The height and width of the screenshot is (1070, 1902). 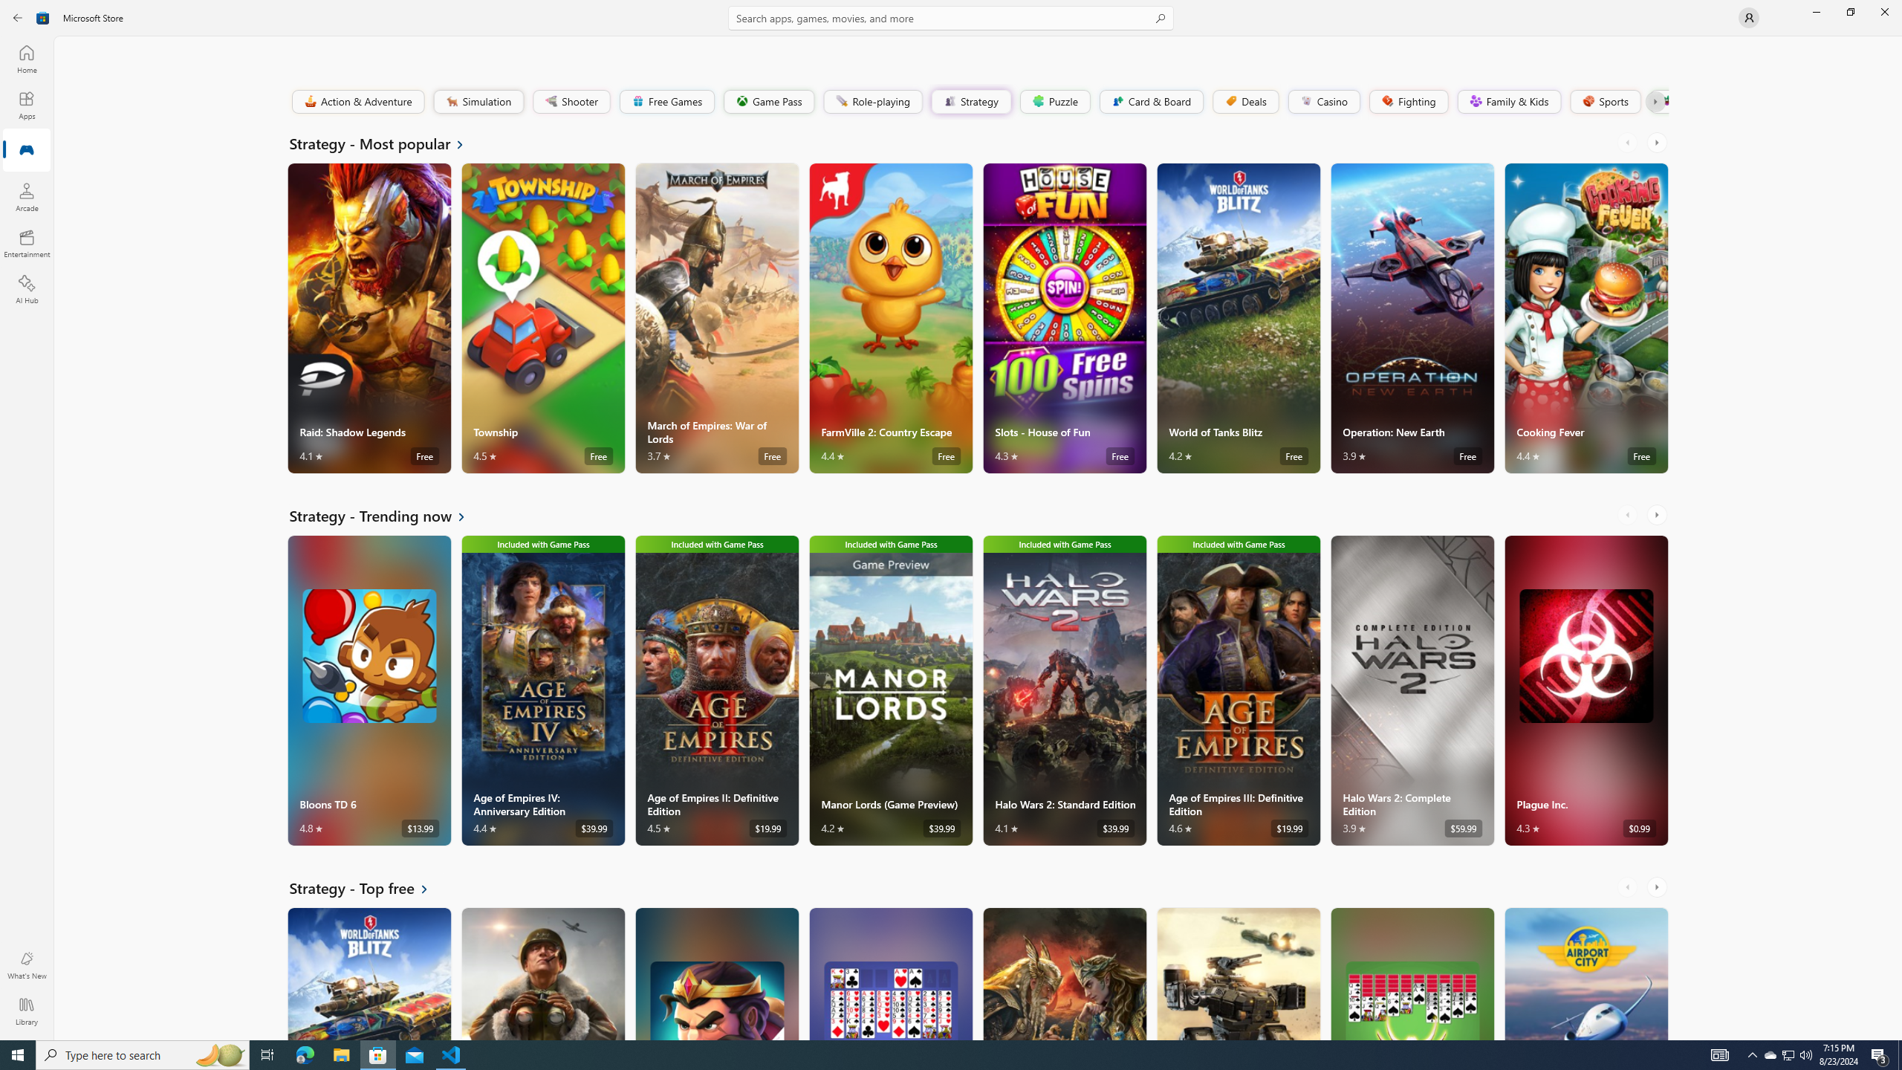 I want to click on 'Fighting', so click(x=1408, y=100).